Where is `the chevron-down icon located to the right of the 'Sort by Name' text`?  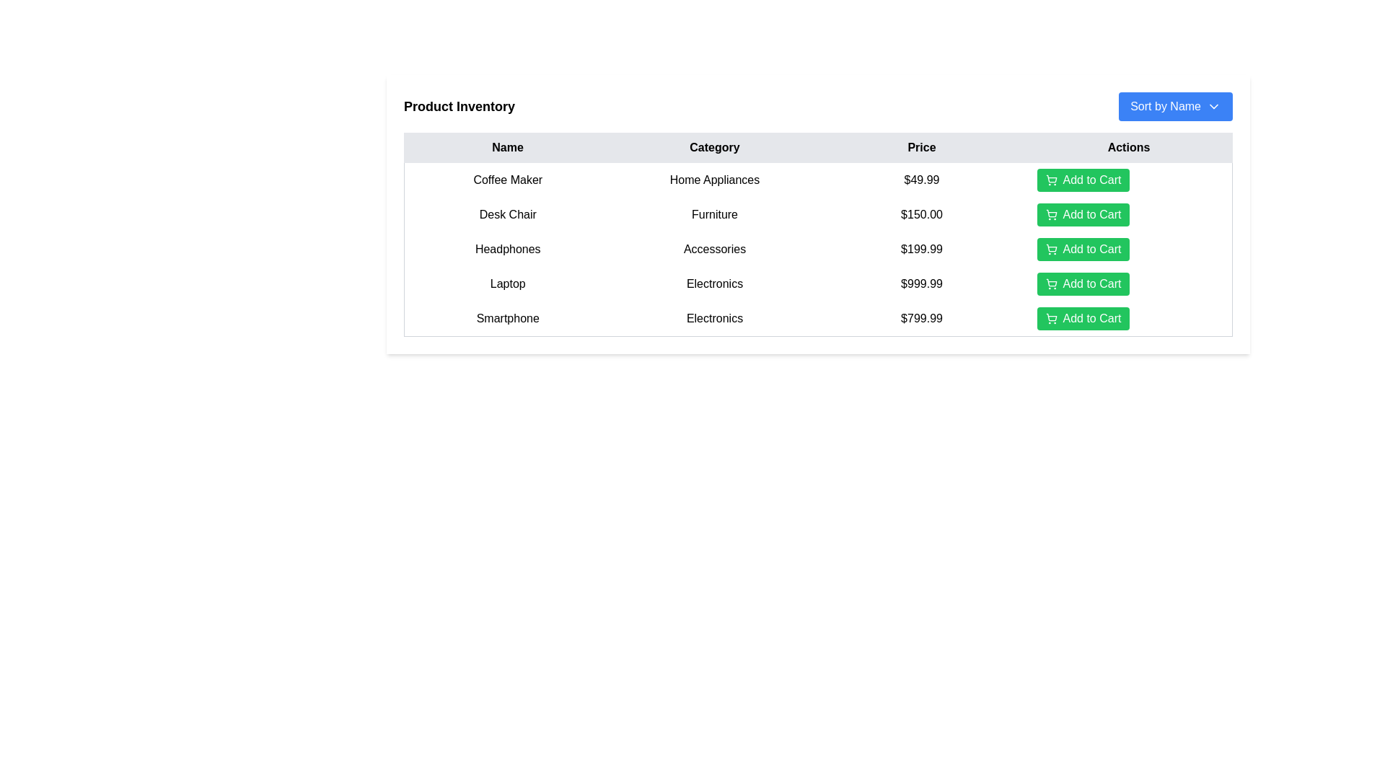
the chevron-down icon located to the right of the 'Sort by Name' text is located at coordinates (1213, 105).